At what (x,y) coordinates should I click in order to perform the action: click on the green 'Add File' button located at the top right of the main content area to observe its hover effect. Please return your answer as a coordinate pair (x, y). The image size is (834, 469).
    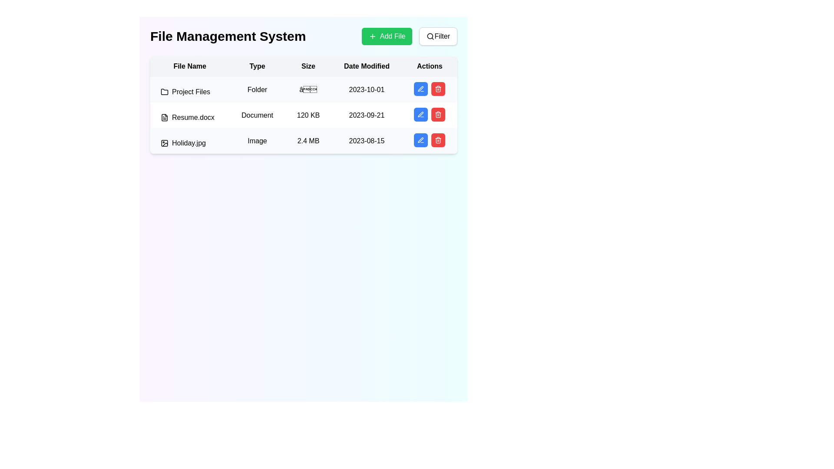
    Looking at the image, I should click on (387, 36).